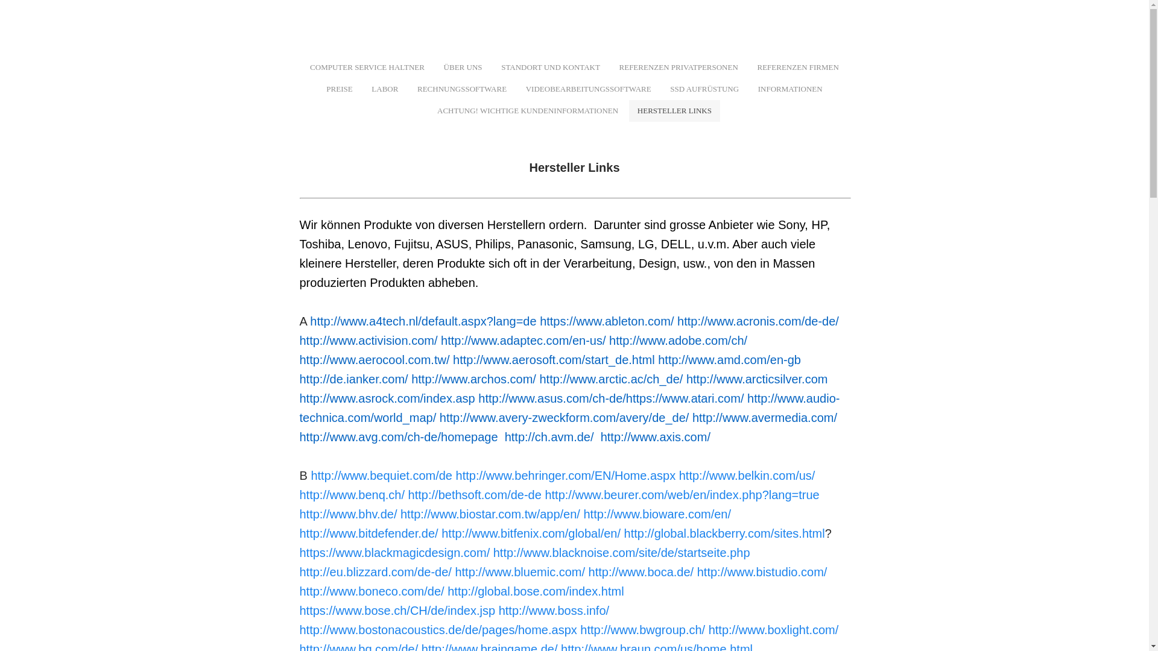 This screenshot has height=651, width=1158. I want to click on 'http://www.boneco.com/de/', so click(370, 590).